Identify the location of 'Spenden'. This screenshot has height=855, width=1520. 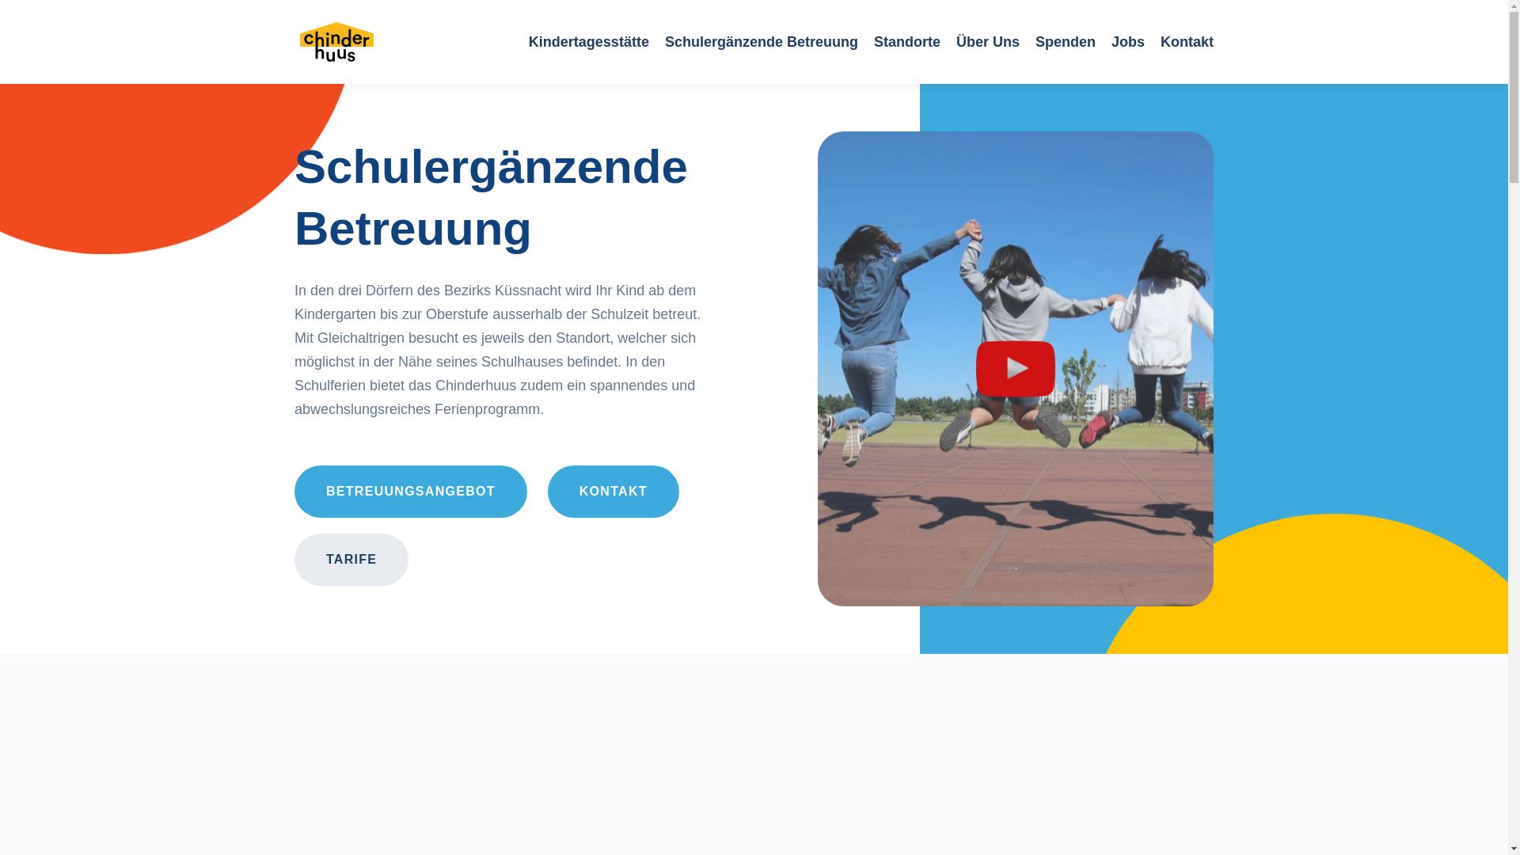
(1065, 41).